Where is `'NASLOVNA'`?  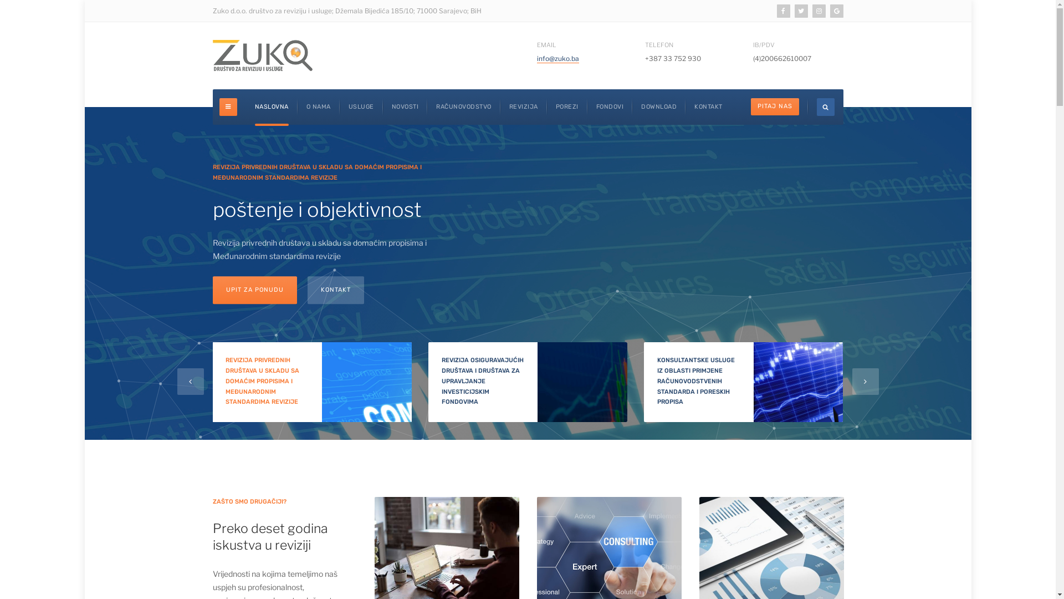 'NASLOVNA' is located at coordinates (254, 106).